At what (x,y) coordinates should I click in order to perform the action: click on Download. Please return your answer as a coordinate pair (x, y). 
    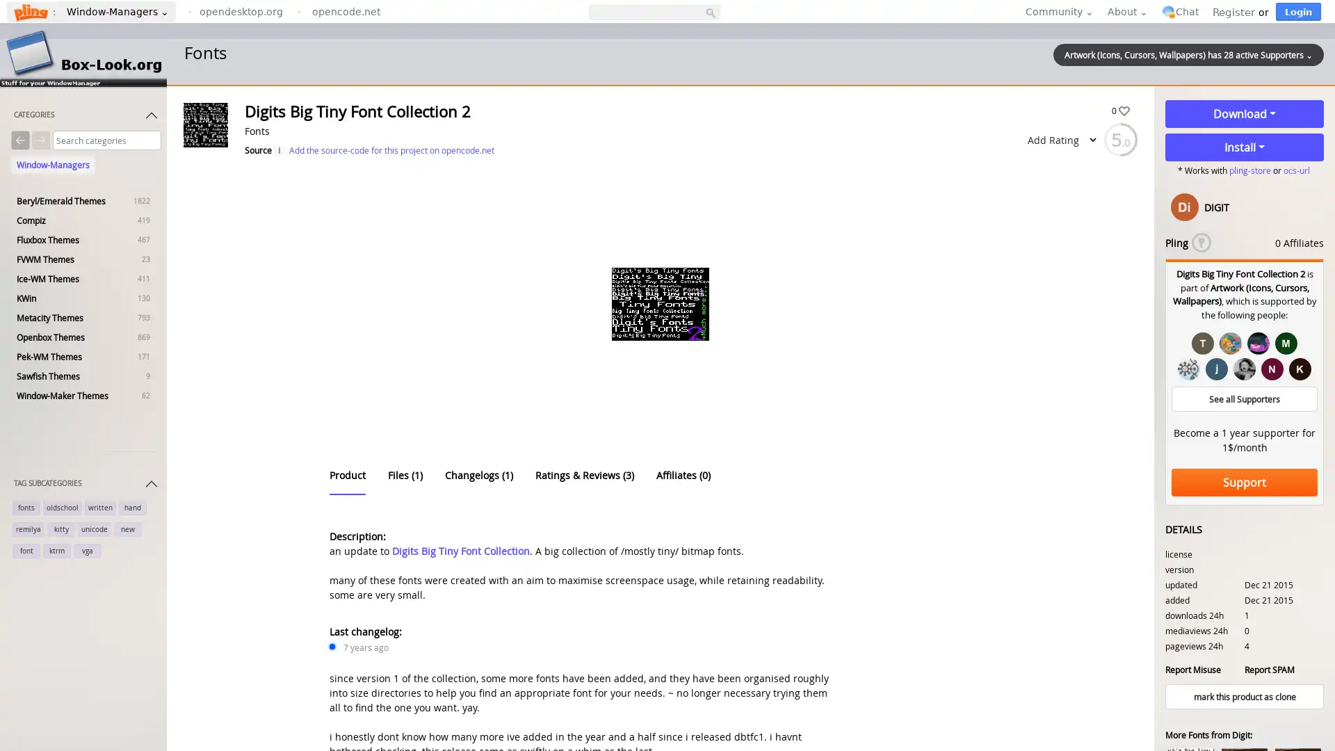
    Looking at the image, I should click on (1245, 113).